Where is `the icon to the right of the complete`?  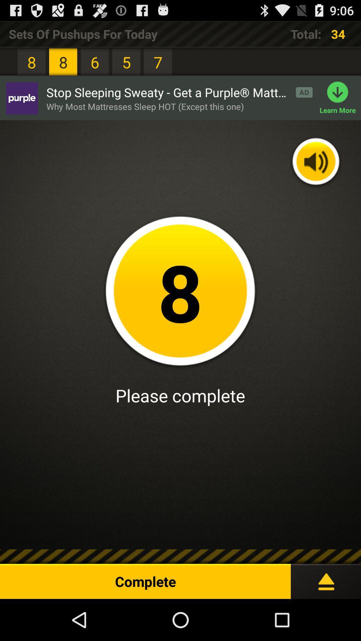
the icon to the right of the complete is located at coordinates (326, 578).